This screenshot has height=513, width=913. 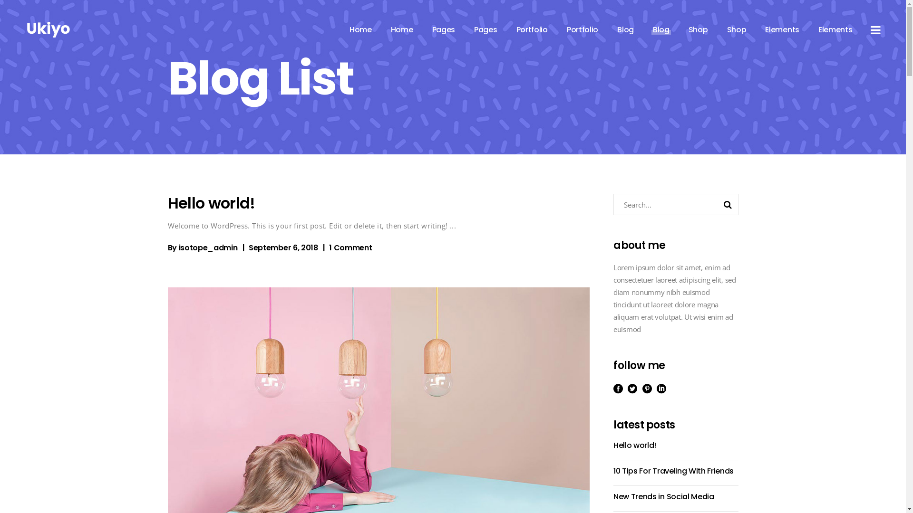 I want to click on 'Home', so click(x=360, y=29).